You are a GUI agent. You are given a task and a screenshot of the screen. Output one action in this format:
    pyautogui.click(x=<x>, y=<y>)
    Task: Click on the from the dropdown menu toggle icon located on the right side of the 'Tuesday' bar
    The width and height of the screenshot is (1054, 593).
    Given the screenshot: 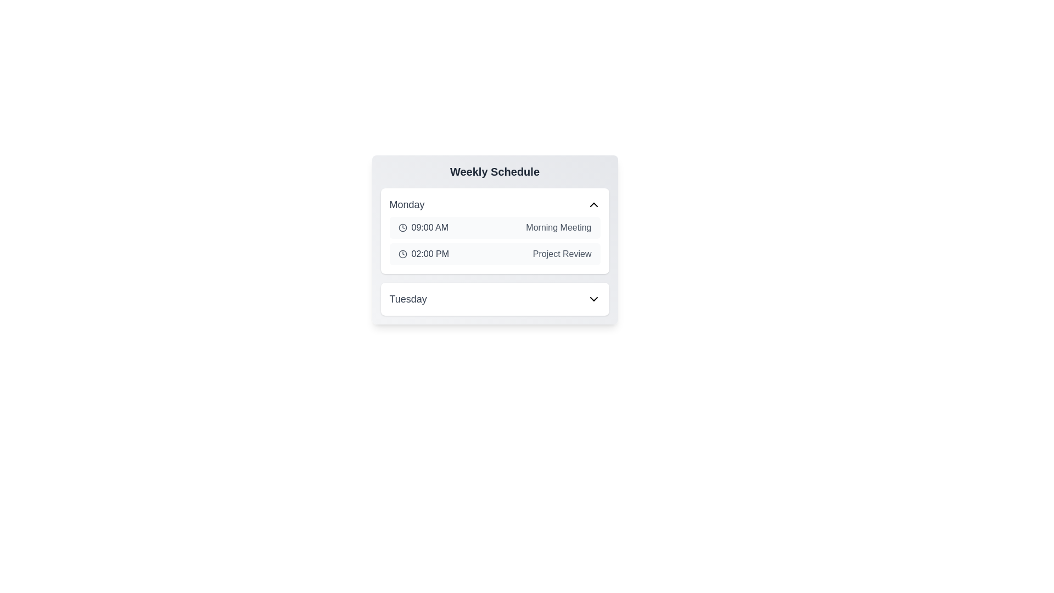 What is the action you would take?
    pyautogui.click(x=593, y=299)
    